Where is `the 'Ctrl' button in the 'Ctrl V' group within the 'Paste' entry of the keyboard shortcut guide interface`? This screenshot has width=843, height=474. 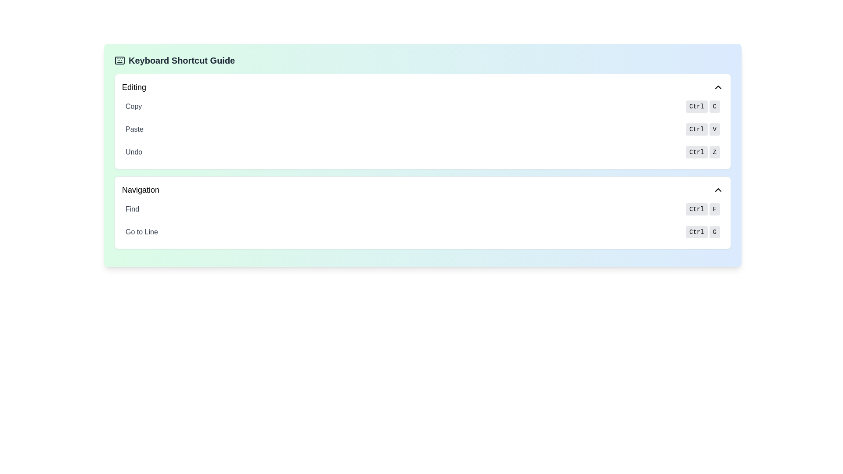
the 'Ctrl' button in the 'Ctrl V' group within the 'Paste' entry of the keyboard shortcut guide interface is located at coordinates (696, 129).